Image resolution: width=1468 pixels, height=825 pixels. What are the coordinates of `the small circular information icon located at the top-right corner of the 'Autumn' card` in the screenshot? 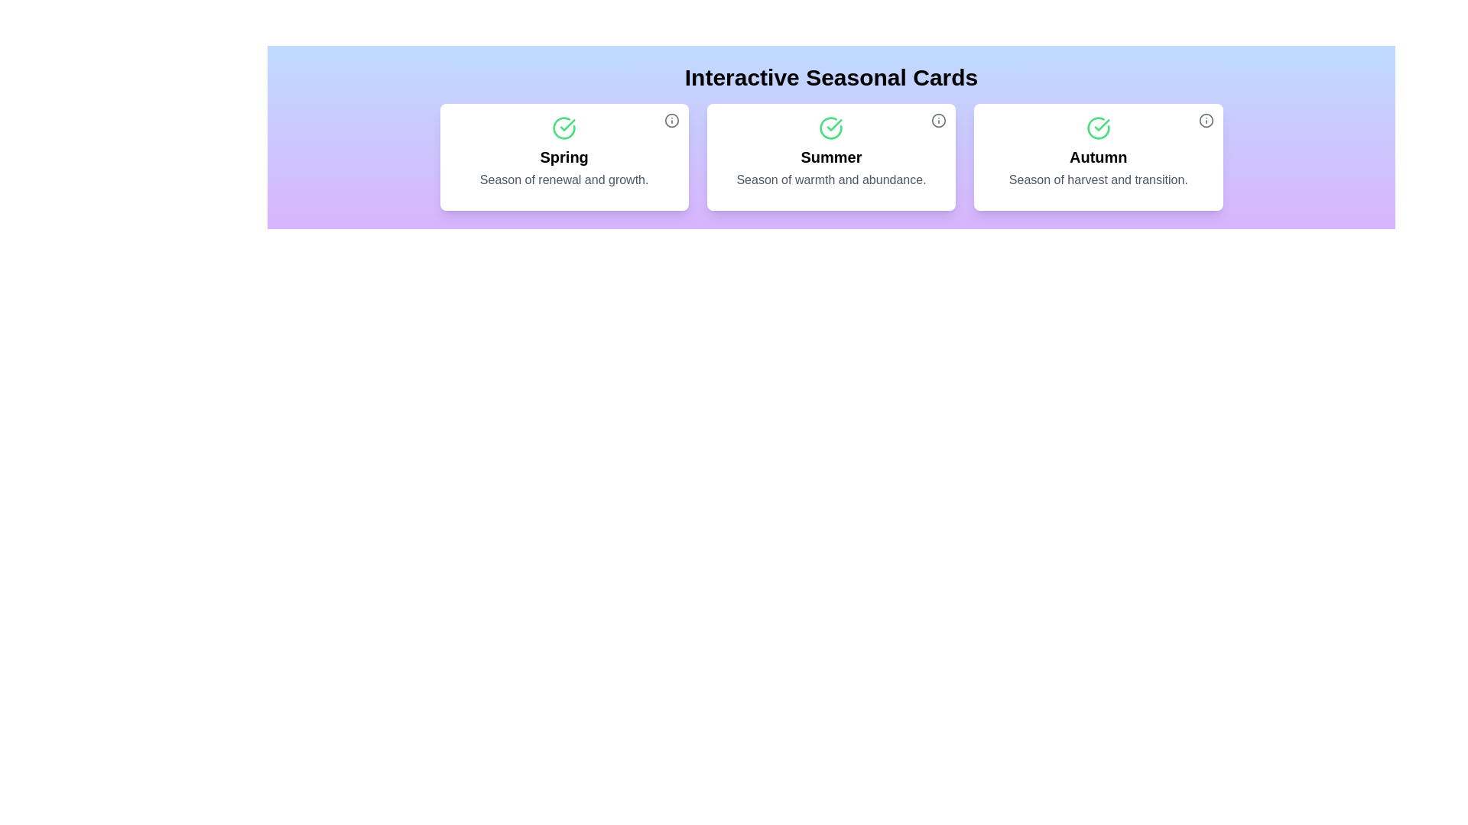 It's located at (1205, 120).